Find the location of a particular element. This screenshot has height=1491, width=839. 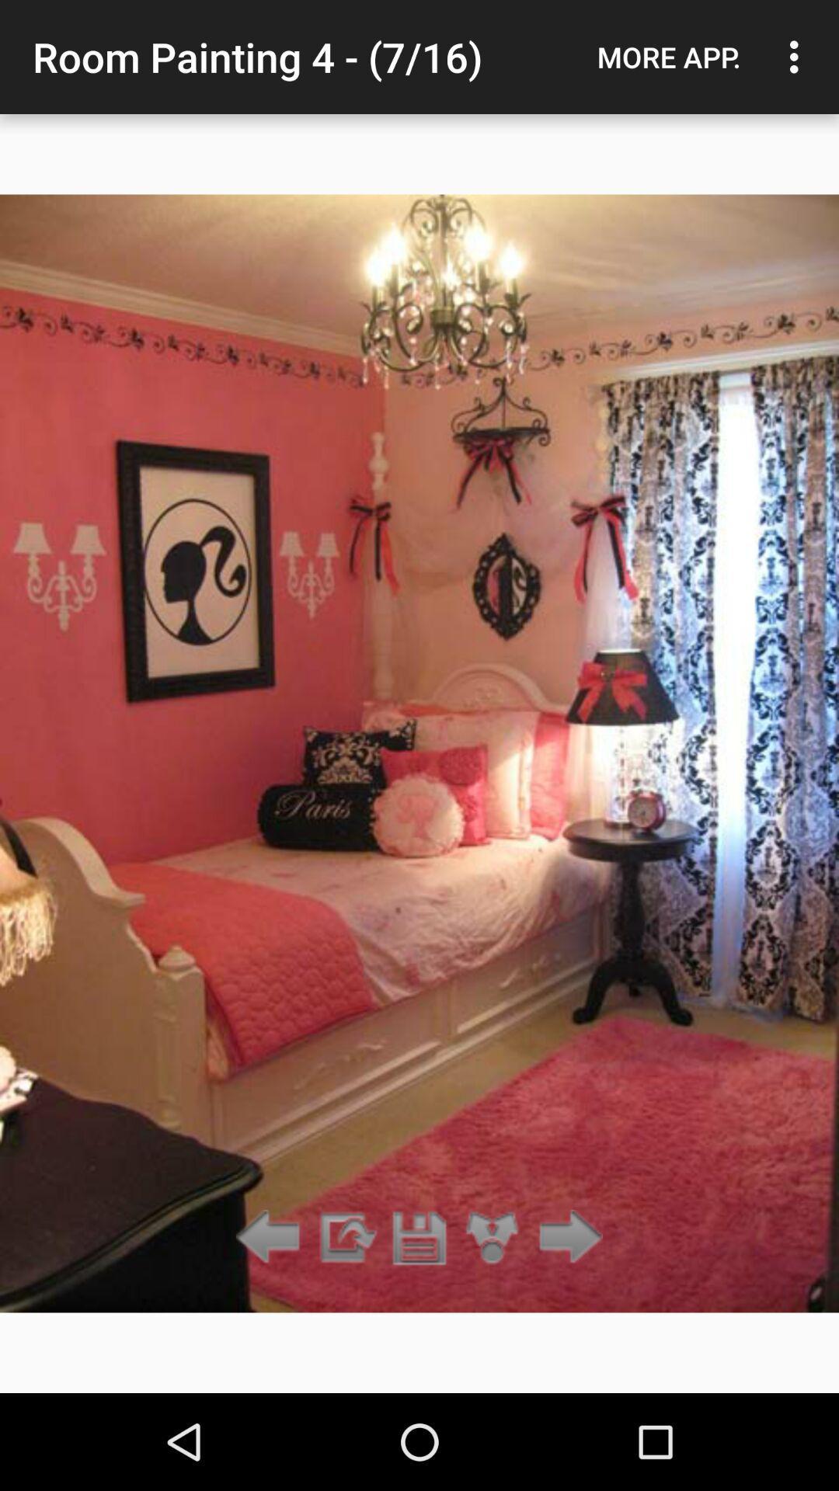

the launch icon is located at coordinates (345, 1237).